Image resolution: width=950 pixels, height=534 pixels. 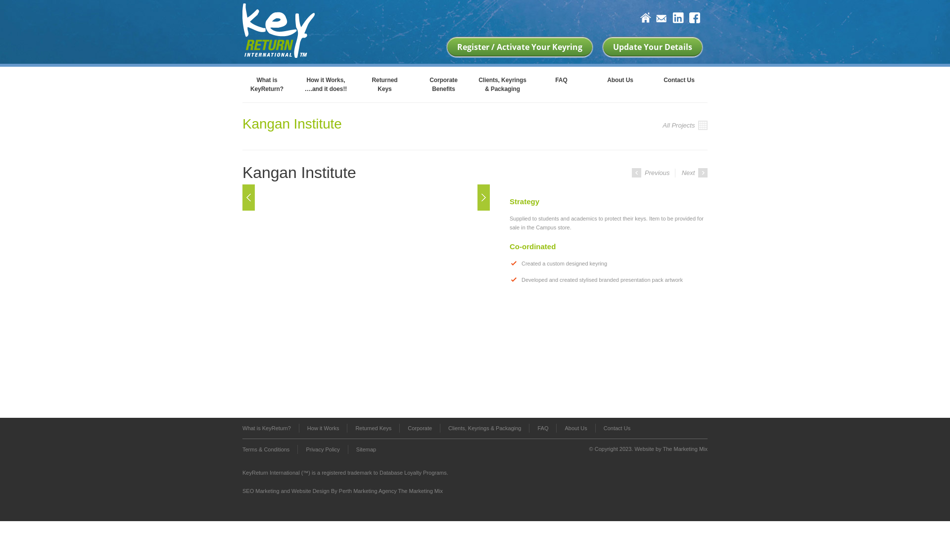 What do you see at coordinates (684, 125) in the screenshot?
I see `'All Projects'` at bounding box center [684, 125].